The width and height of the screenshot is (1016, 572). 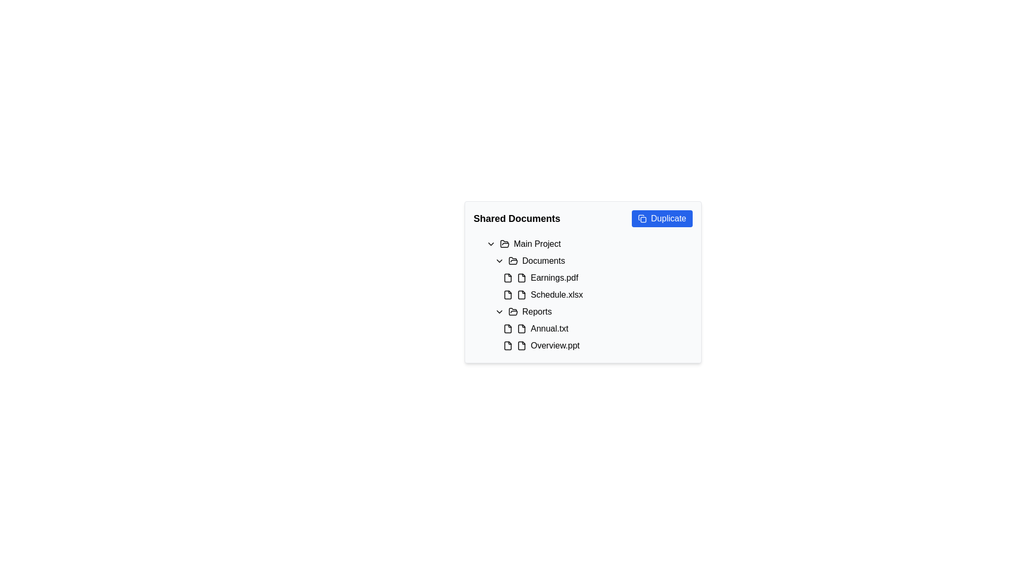 What do you see at coordinates (537, 311) in the screenshot?
I see `the 'Reports' text label in the navigation component` at bounding box center [537, 311].